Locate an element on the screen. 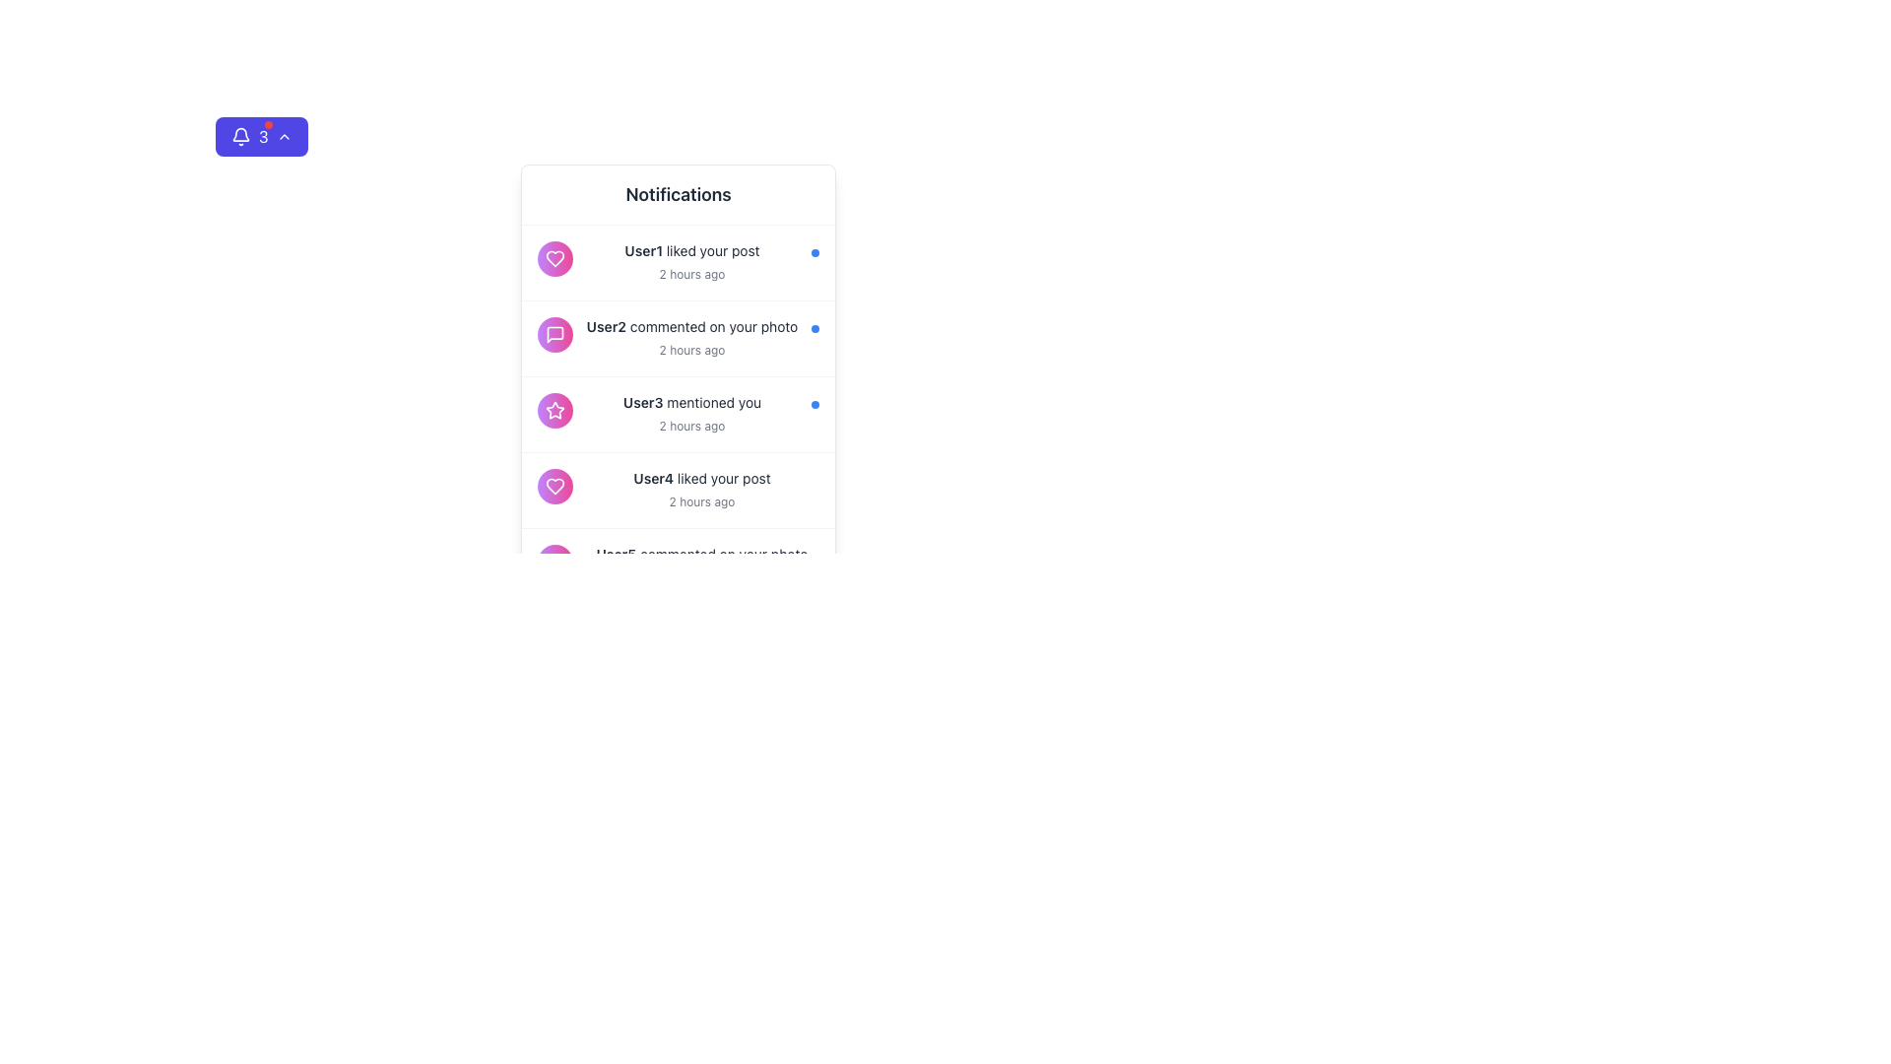 Image resolution: width=1891 pixels, height=1064 pixels. the first notification entry that indicates 'User1 liked your post' is located at coordinates (679, 262).